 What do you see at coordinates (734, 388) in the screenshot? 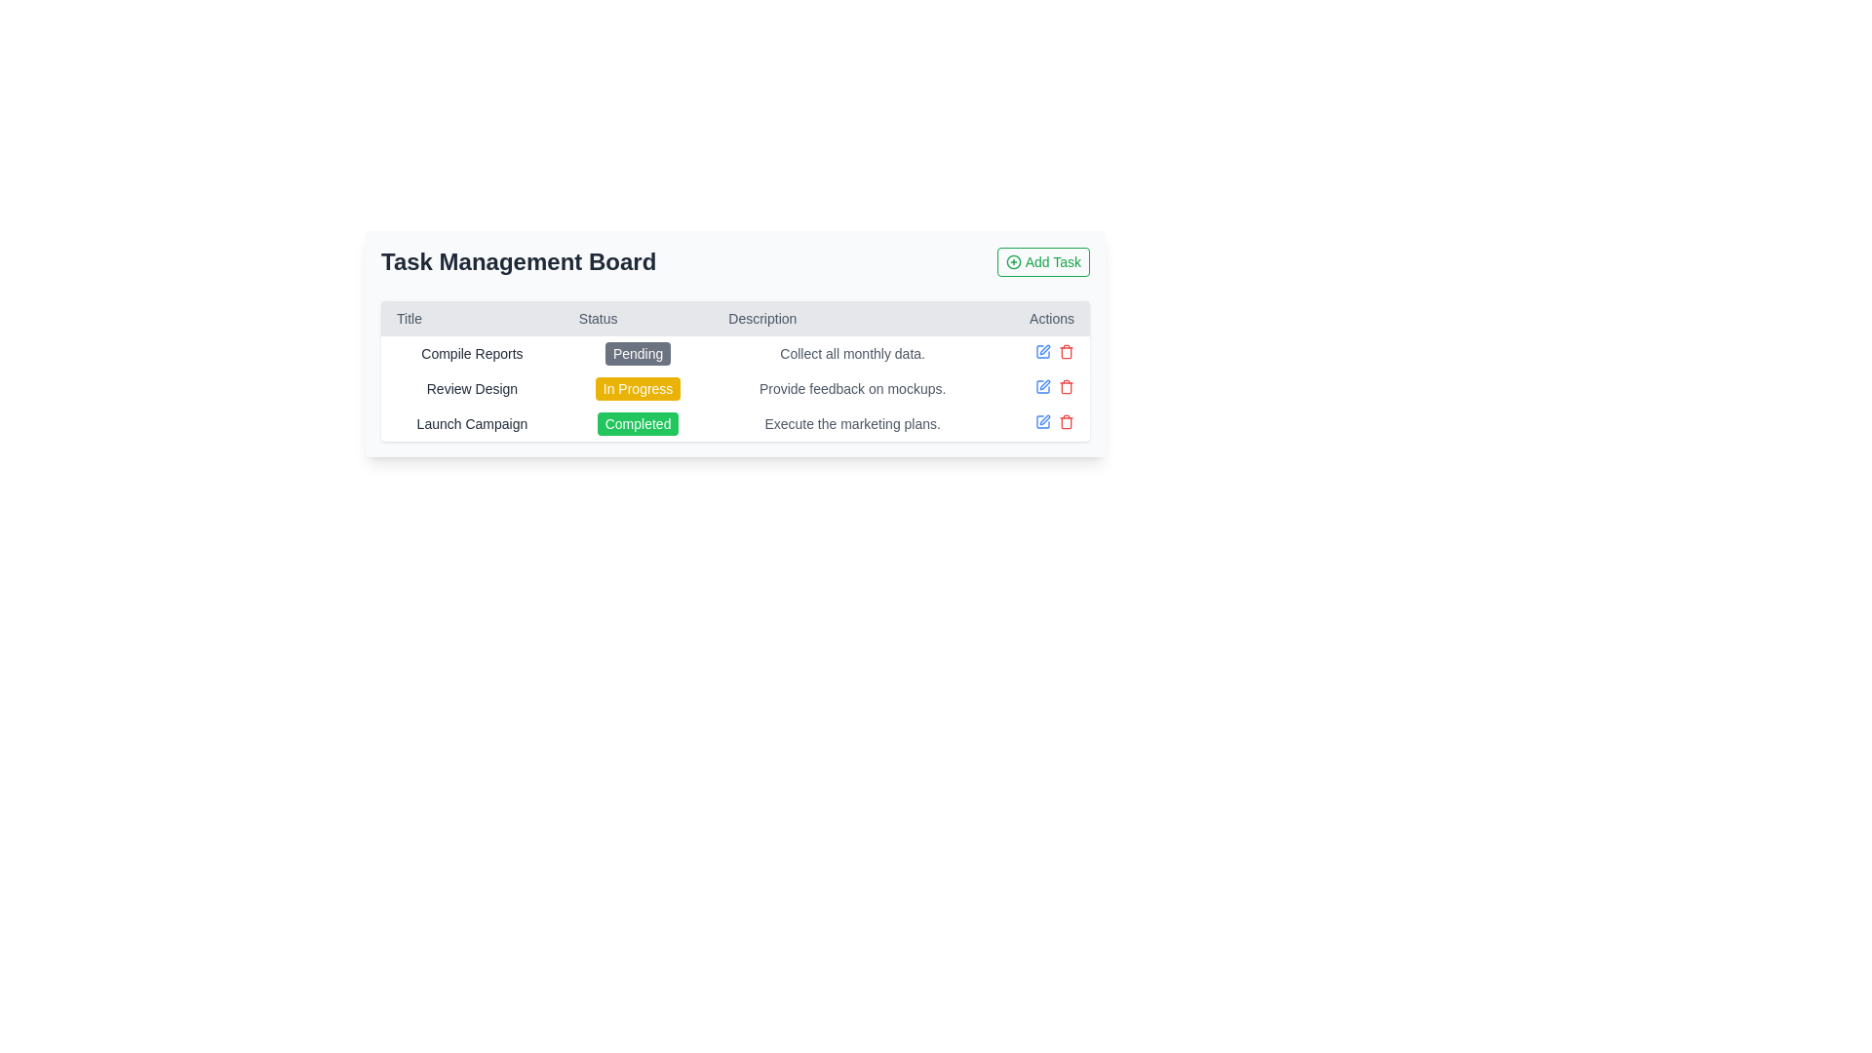
I see `the second row of the task list in the task management system` at bounding box center [734, 388].